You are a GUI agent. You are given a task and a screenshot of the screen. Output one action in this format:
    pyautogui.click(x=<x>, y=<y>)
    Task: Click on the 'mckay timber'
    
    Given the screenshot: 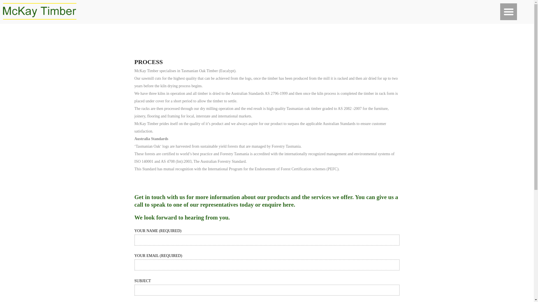 What is the action you would take?
    pyautogui.click(x=39, y=11)
    